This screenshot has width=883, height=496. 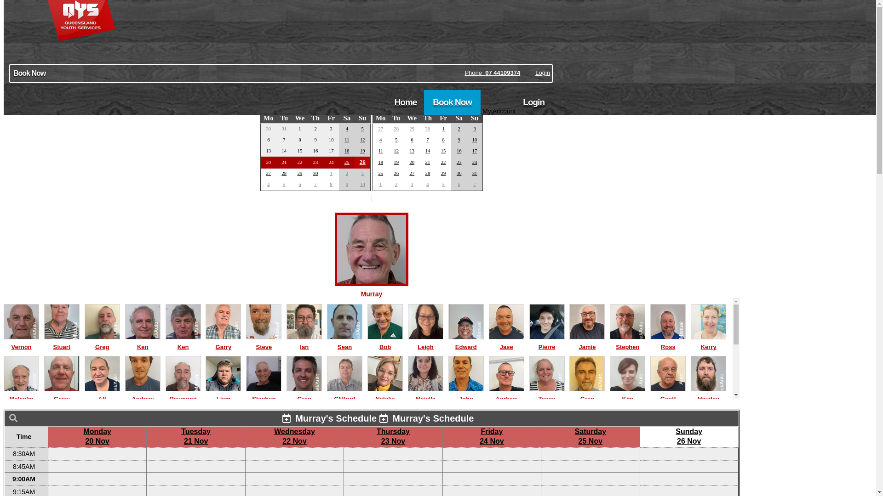 I want to click on '29', so click(x=411, y=129).